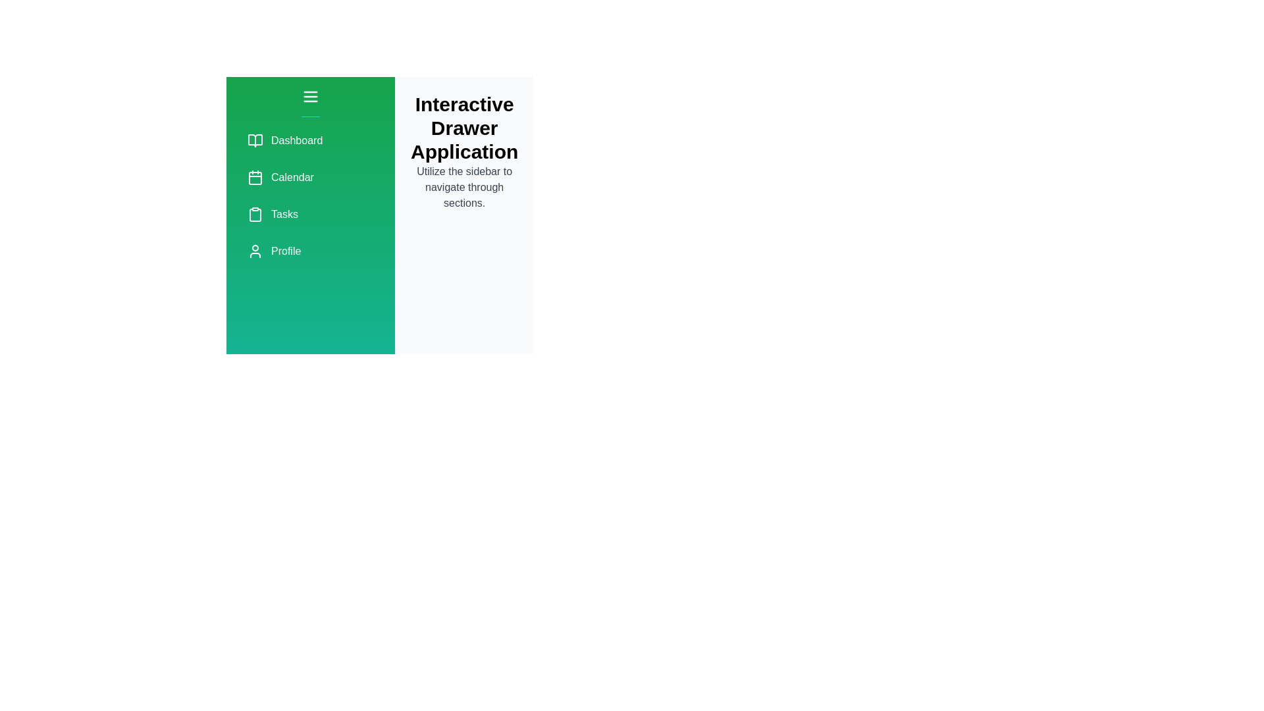 Image resolution: width=1264 pixels, height=711 pixels. Describe the element at coordinates (464, 188) in the screenshot. I see `the main content text for copying` at that location.